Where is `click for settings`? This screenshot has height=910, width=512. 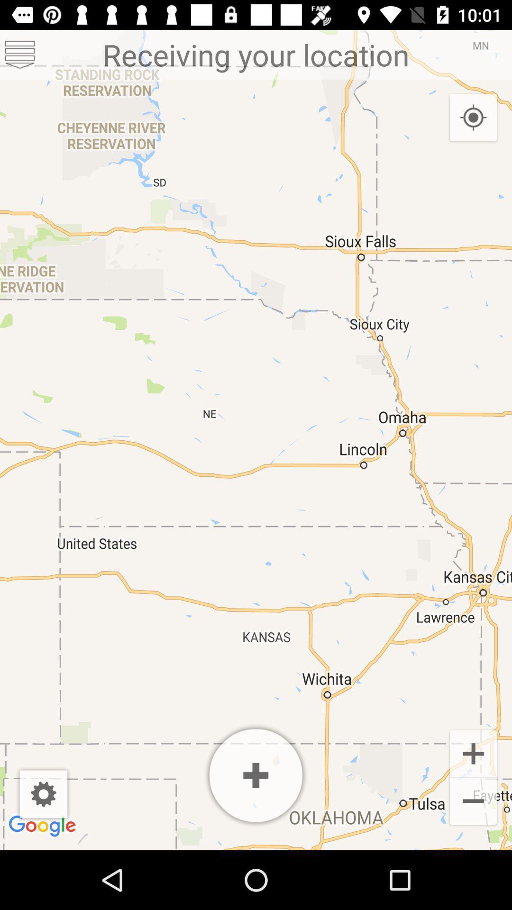 click for settings is located at coordinates (43, 794).